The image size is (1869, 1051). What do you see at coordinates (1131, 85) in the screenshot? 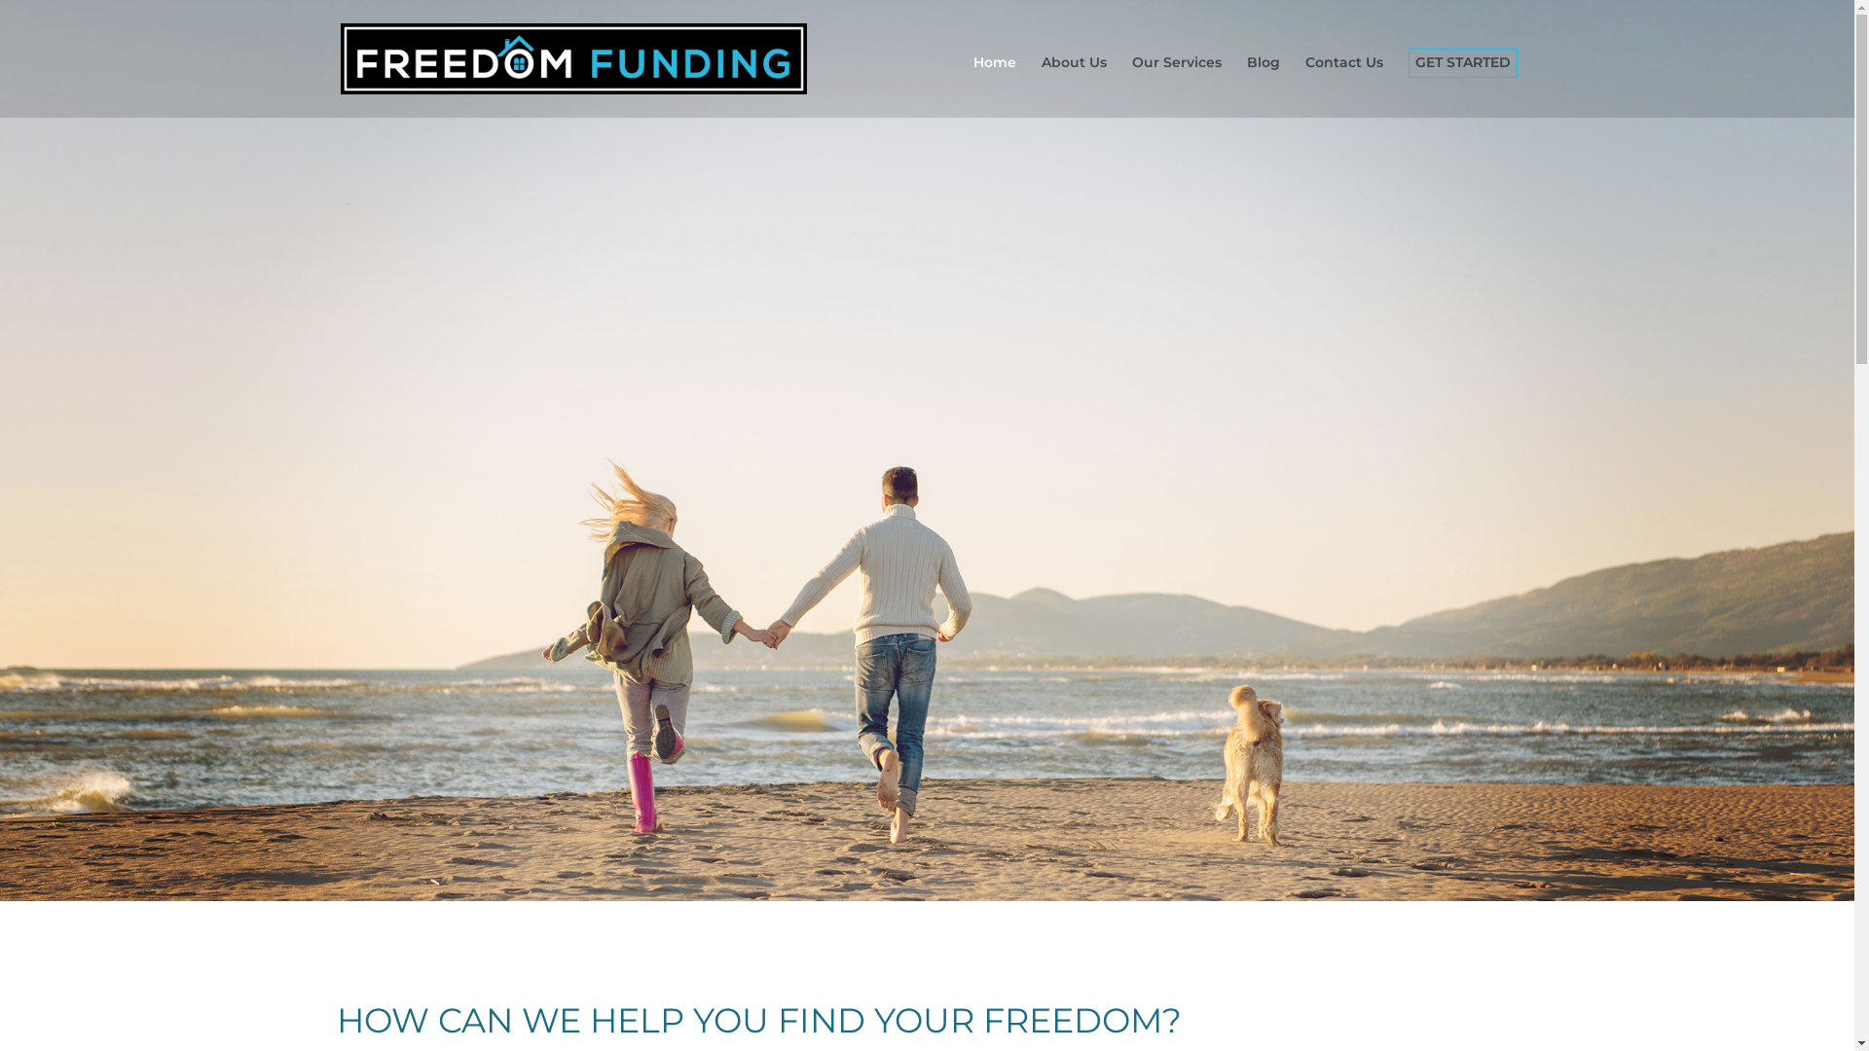
I see `'Our Services'` at bounding box center [1131, 85].